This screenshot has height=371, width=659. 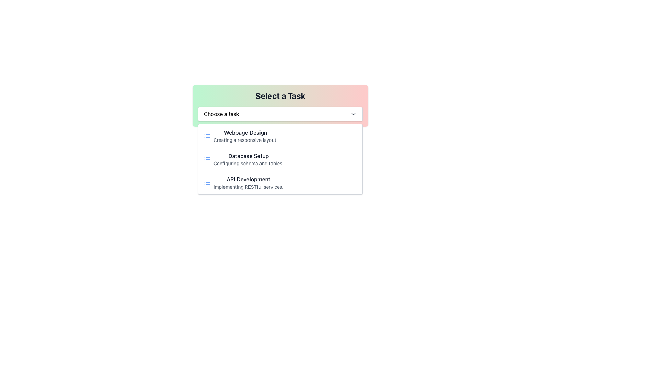 What do you see at coordinates (248, 156) in the screenshot?
I see `the 'Database Setup' text label located in the center of the dropdown menu under the 'Select a Task' header` at bounding box center [248, 156].